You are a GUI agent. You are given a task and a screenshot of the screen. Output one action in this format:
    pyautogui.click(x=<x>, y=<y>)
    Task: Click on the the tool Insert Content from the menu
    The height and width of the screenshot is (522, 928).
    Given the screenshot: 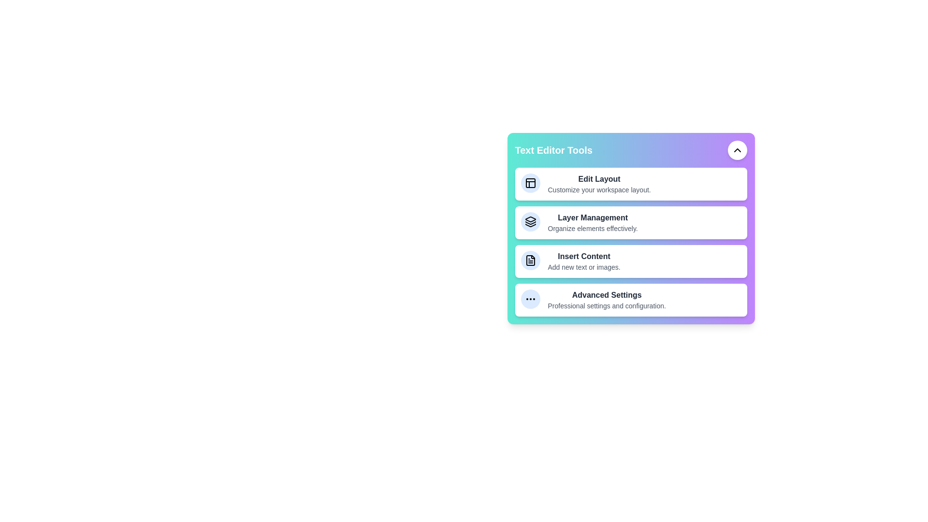 What is the action you would take?
    pyautogui.click(x=580, y=246)
    